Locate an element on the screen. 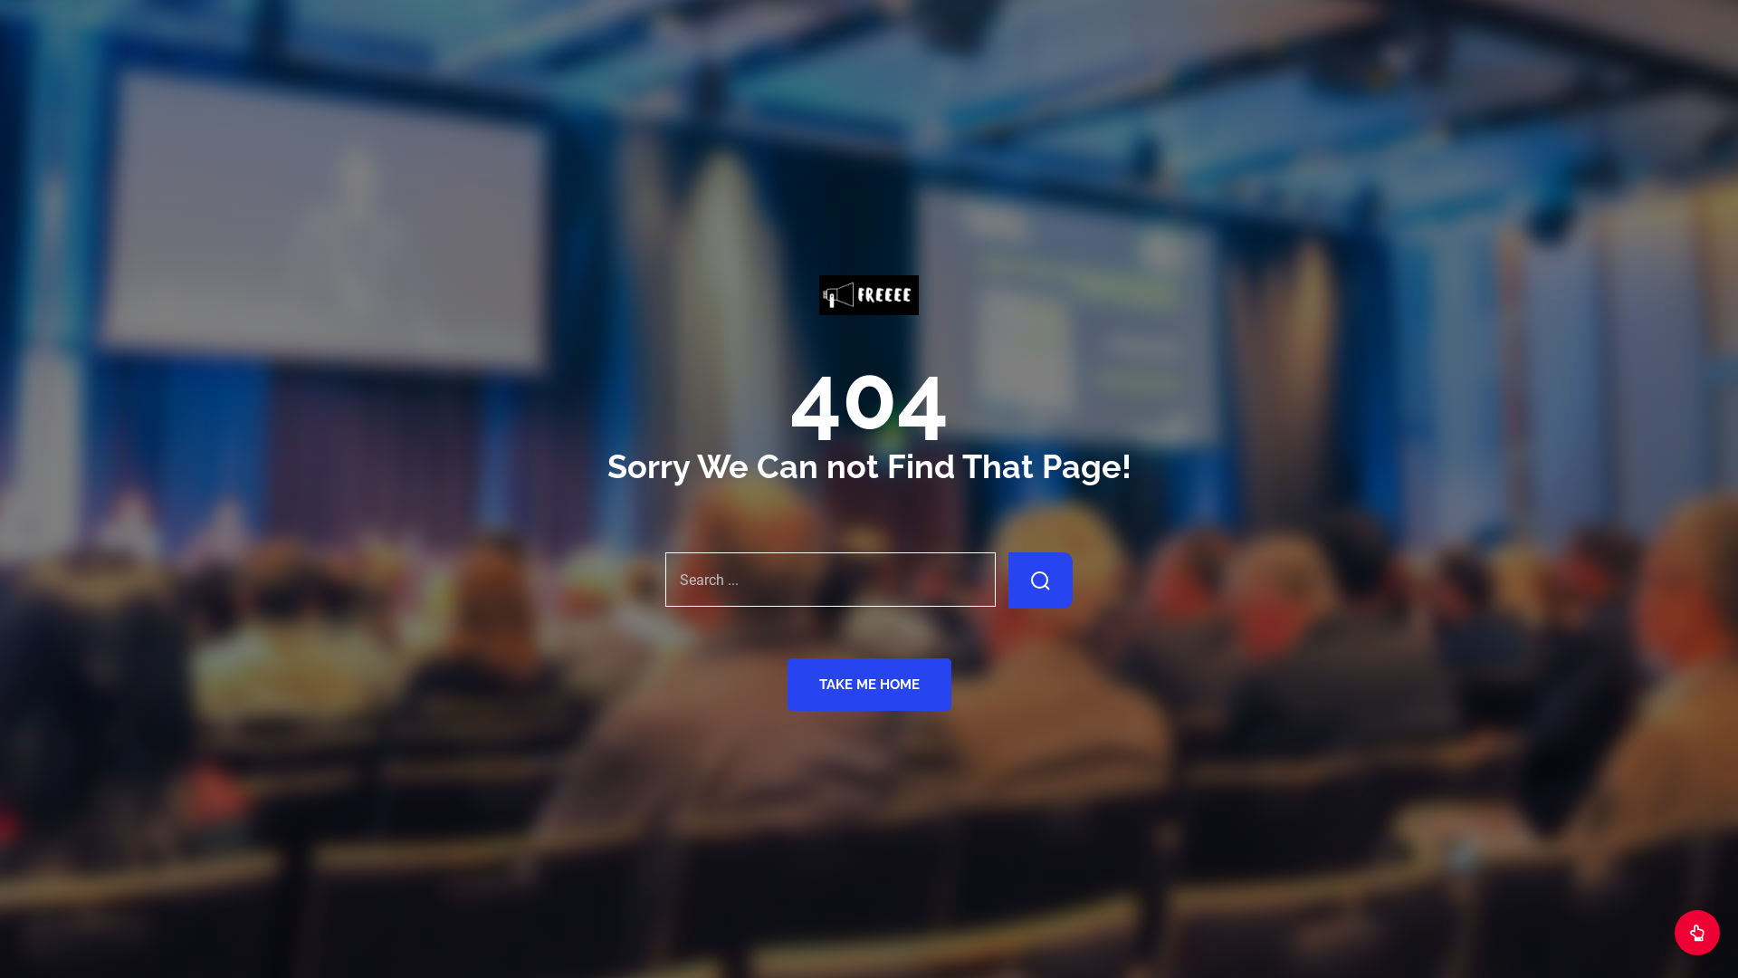  'TAKE ME HOME' is located at coordinates (869, 685).